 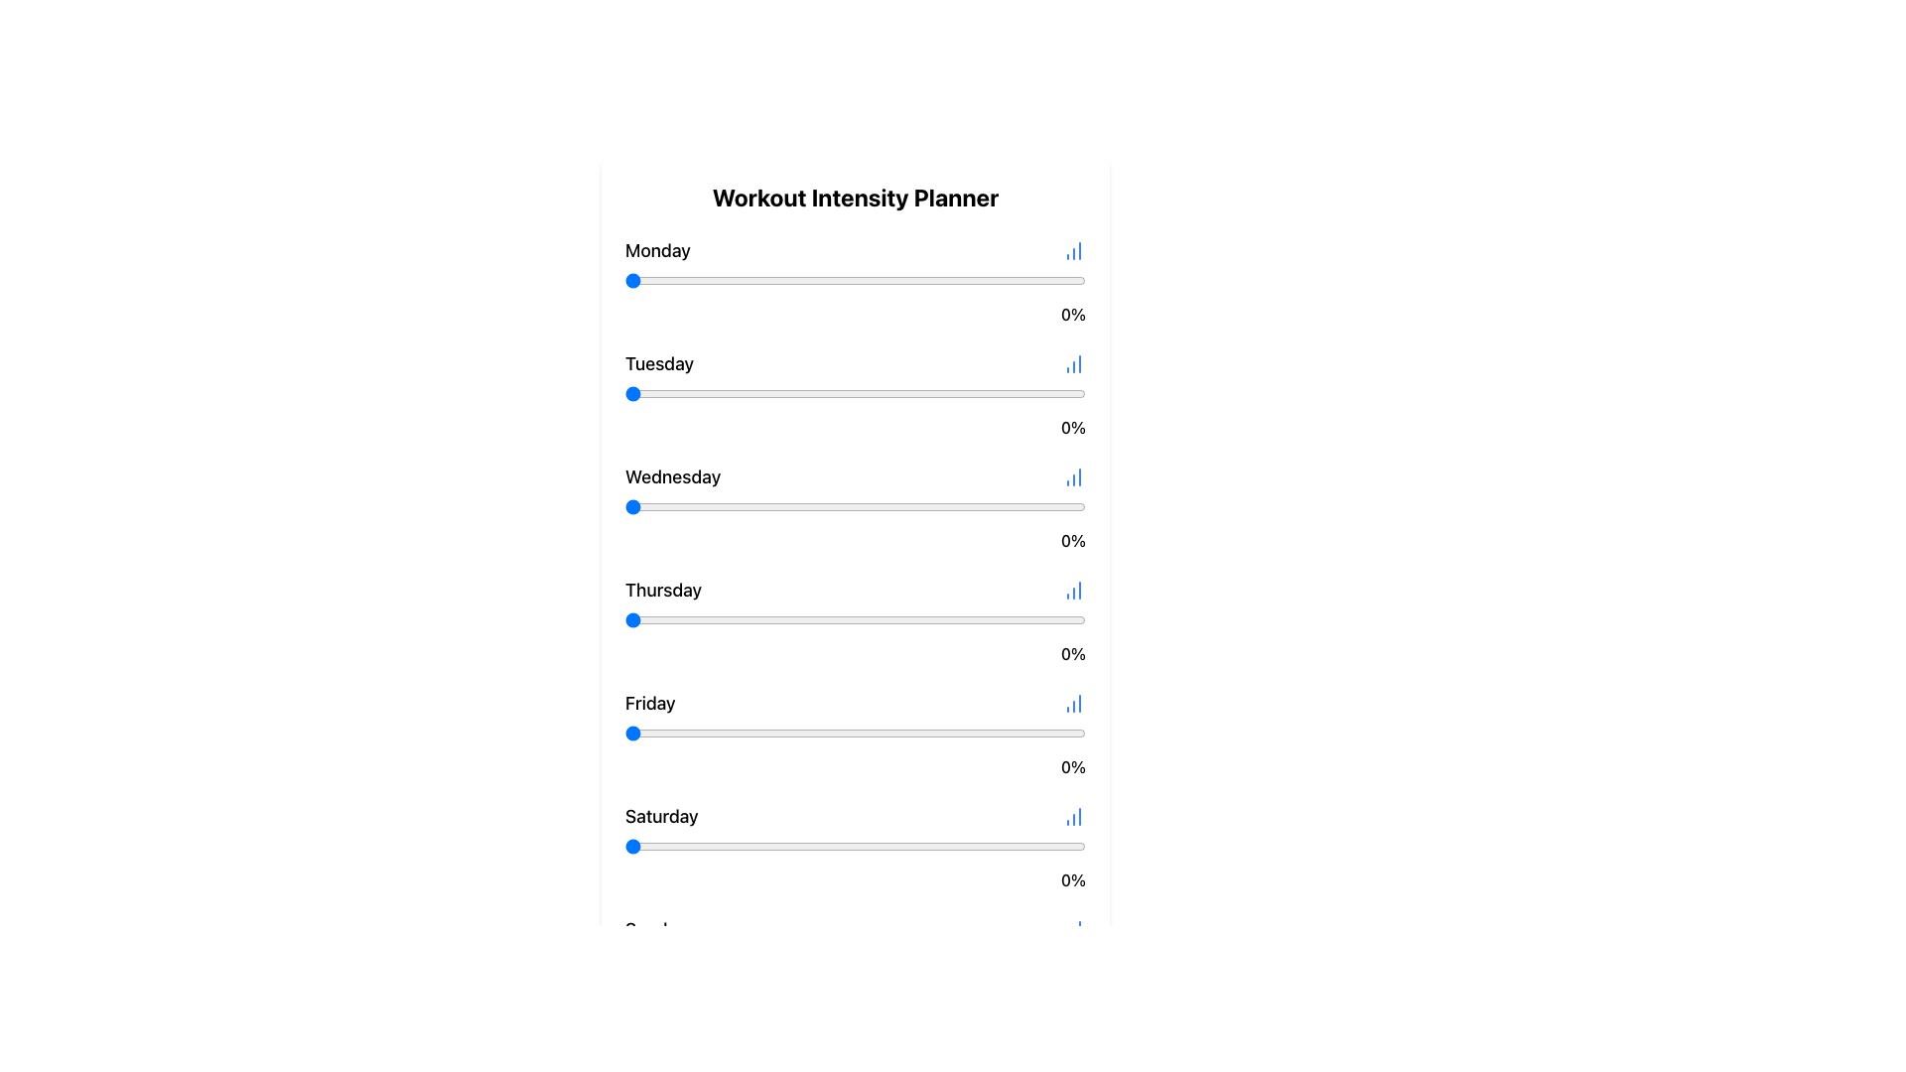 I want to click on the small, stylized blue column chart icon located to the right of the 'Saturday' text in the 'Workout Intensity Planner' interface, so click(x=1072, y=816).